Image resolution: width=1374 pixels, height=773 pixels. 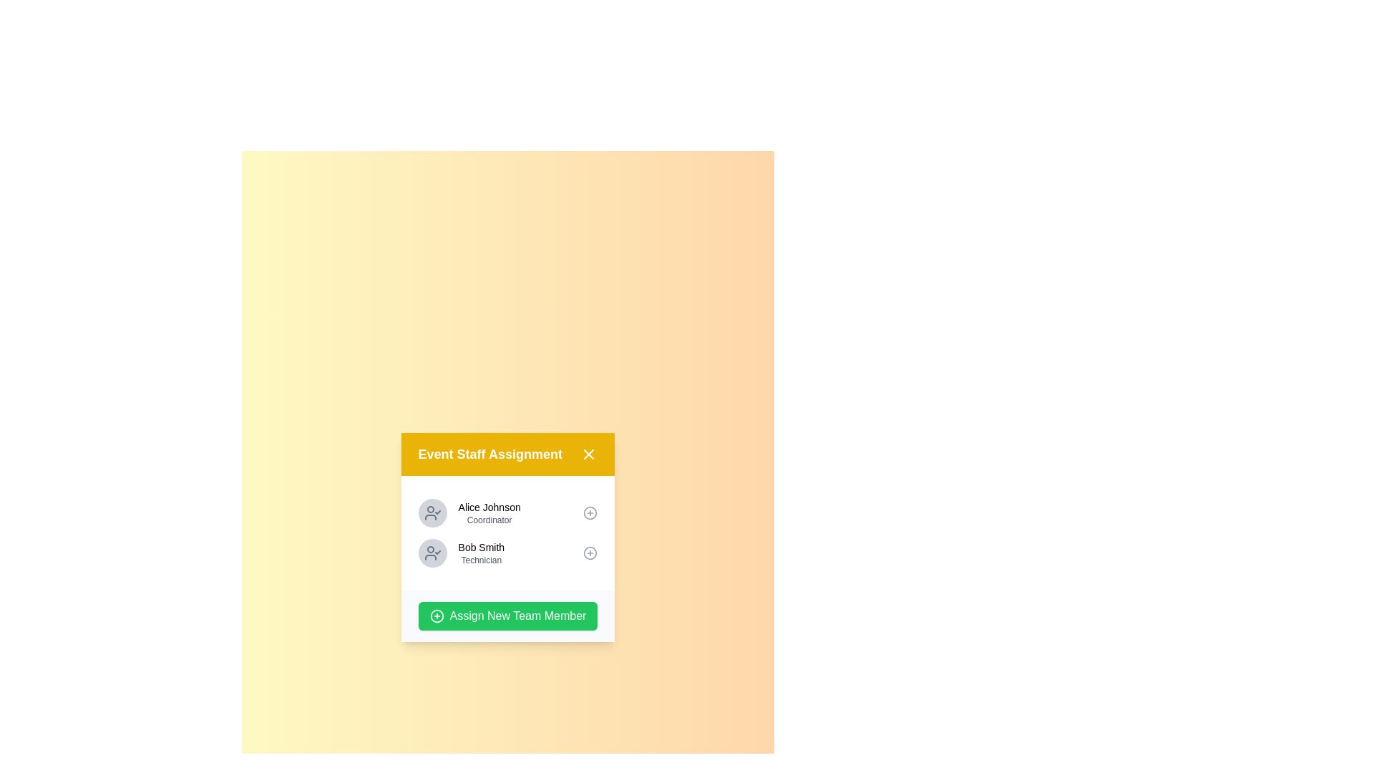 I want to click on 'Edit' button next to the team member Alice Johnson, so click(x=590, y=512).